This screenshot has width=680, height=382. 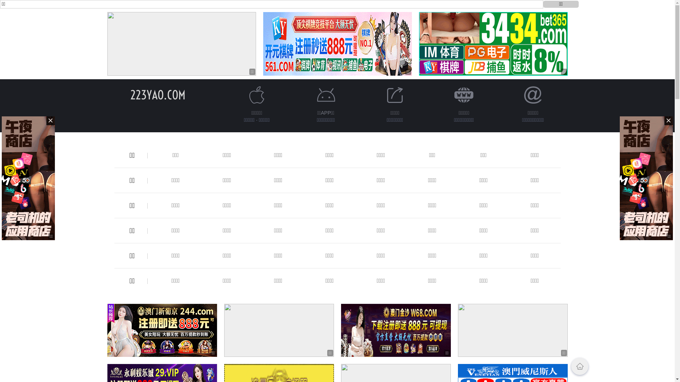 What do you see at coordinates (158, 94) in the screenshot?
I see `'223YAO.COM'` at bounding box center [158, 94].